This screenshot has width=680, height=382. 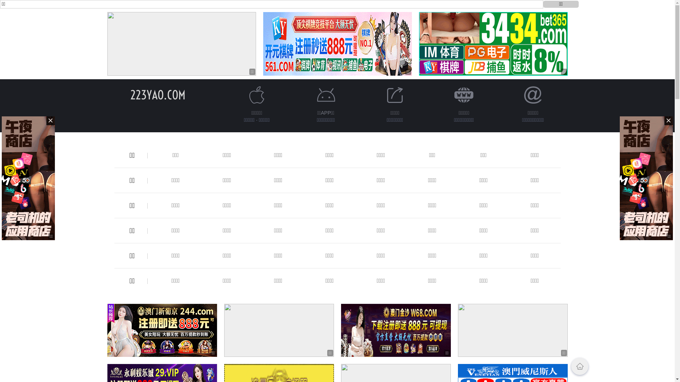 What do you see at coordinates (158, 94) in the screenshot?
I see `'223YAO.COM'` at bounding box center [158, 94].